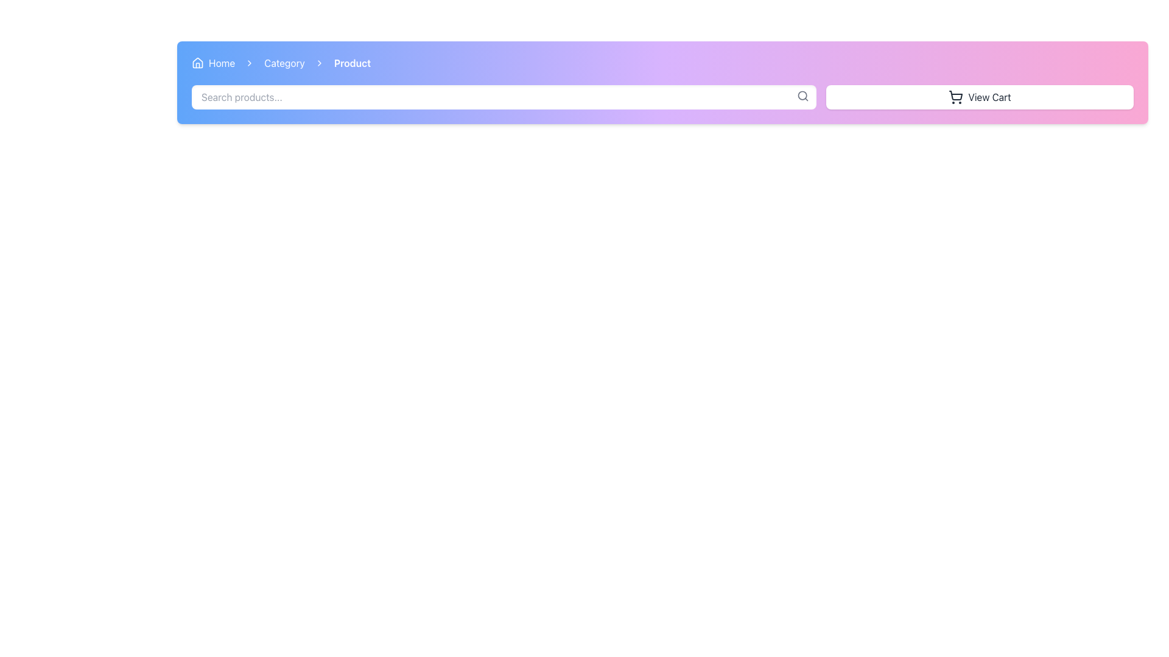 The width and height of the screenshot is (1169, 657). Describe the element at coordinates (980, 96) in the screenshot. I see `the shopping cart button located in the upper right corner of the interface to change its background color` at that location.